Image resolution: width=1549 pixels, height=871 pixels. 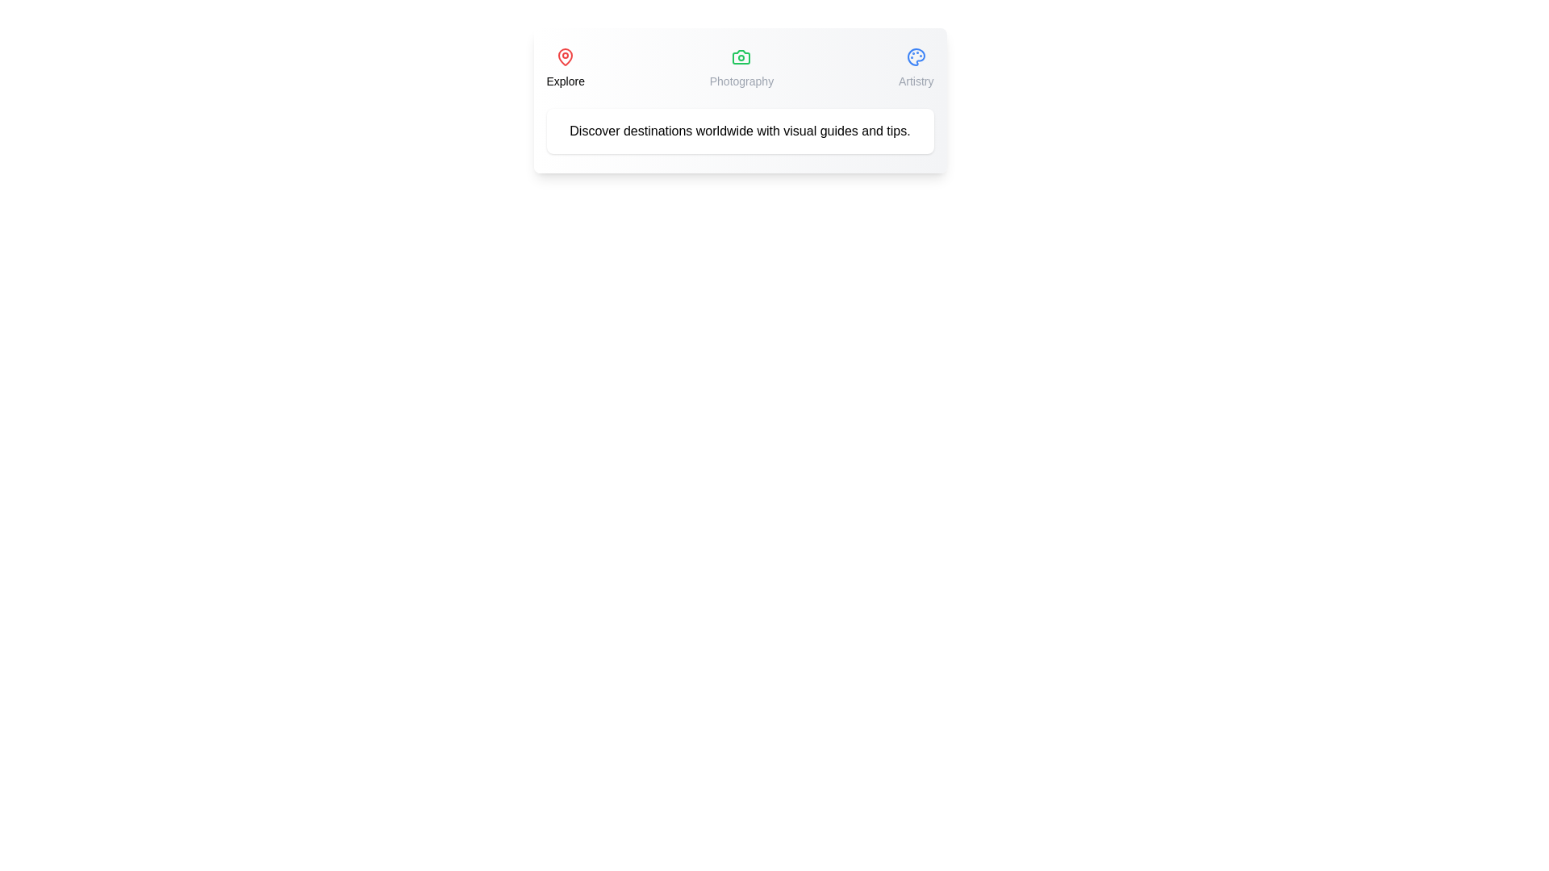 What do you see at coordinates (740, 67) in the screenshot?
I see `the tab labeled Photography to view its content` at bounding box center [740, 67].